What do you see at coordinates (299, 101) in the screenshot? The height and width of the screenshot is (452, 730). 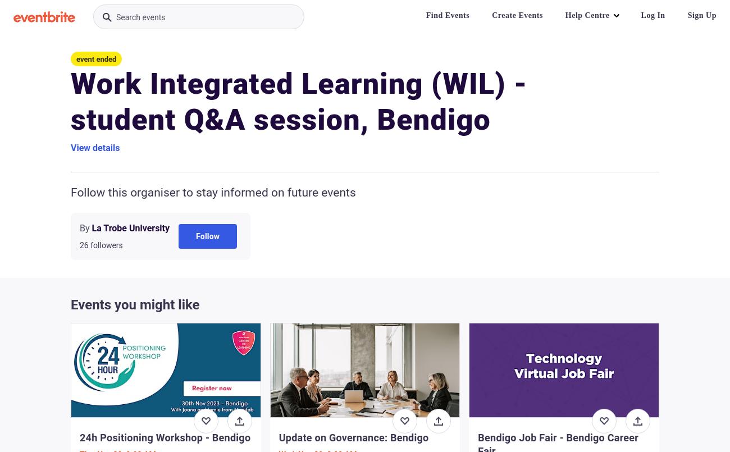 I see `'Work Integrated Learning (WIL) - student Q&A session, Bendigo'` at bounding box center [299, 101].